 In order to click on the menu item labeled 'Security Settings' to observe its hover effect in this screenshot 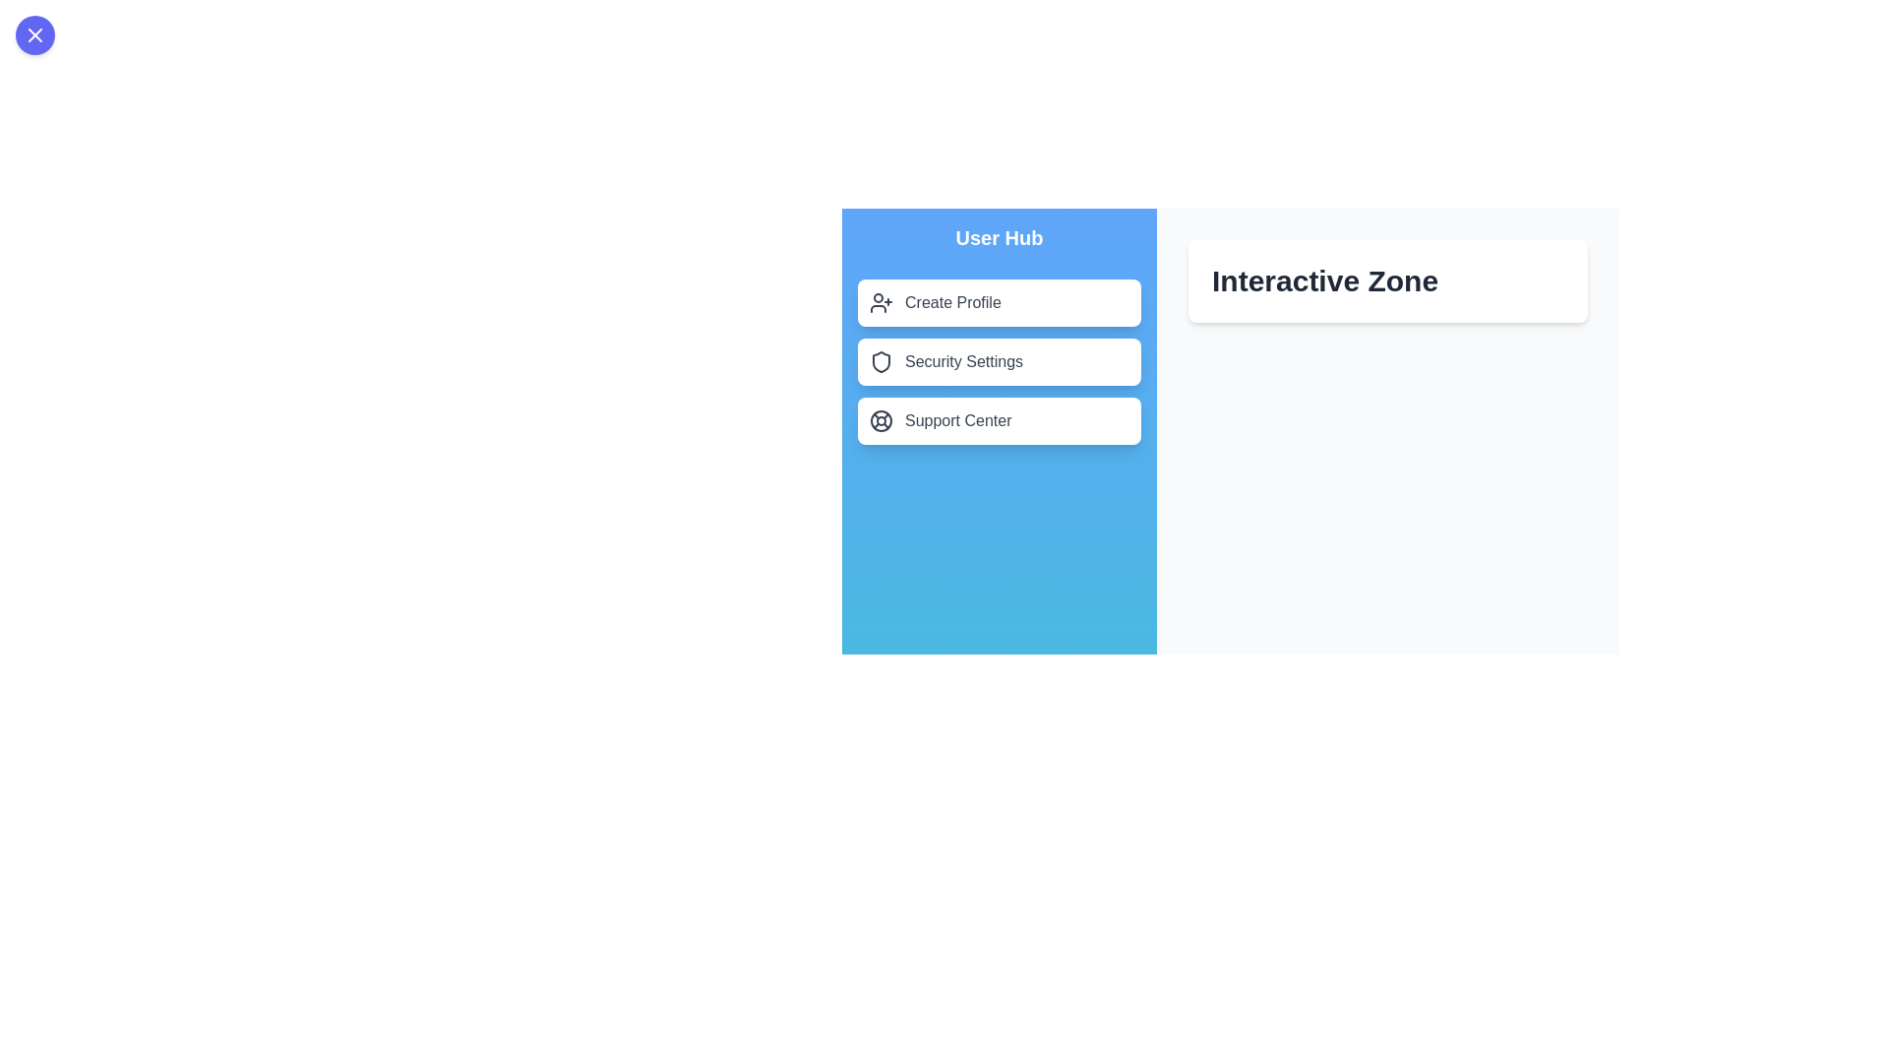, I will do `click(1000, 361)`.